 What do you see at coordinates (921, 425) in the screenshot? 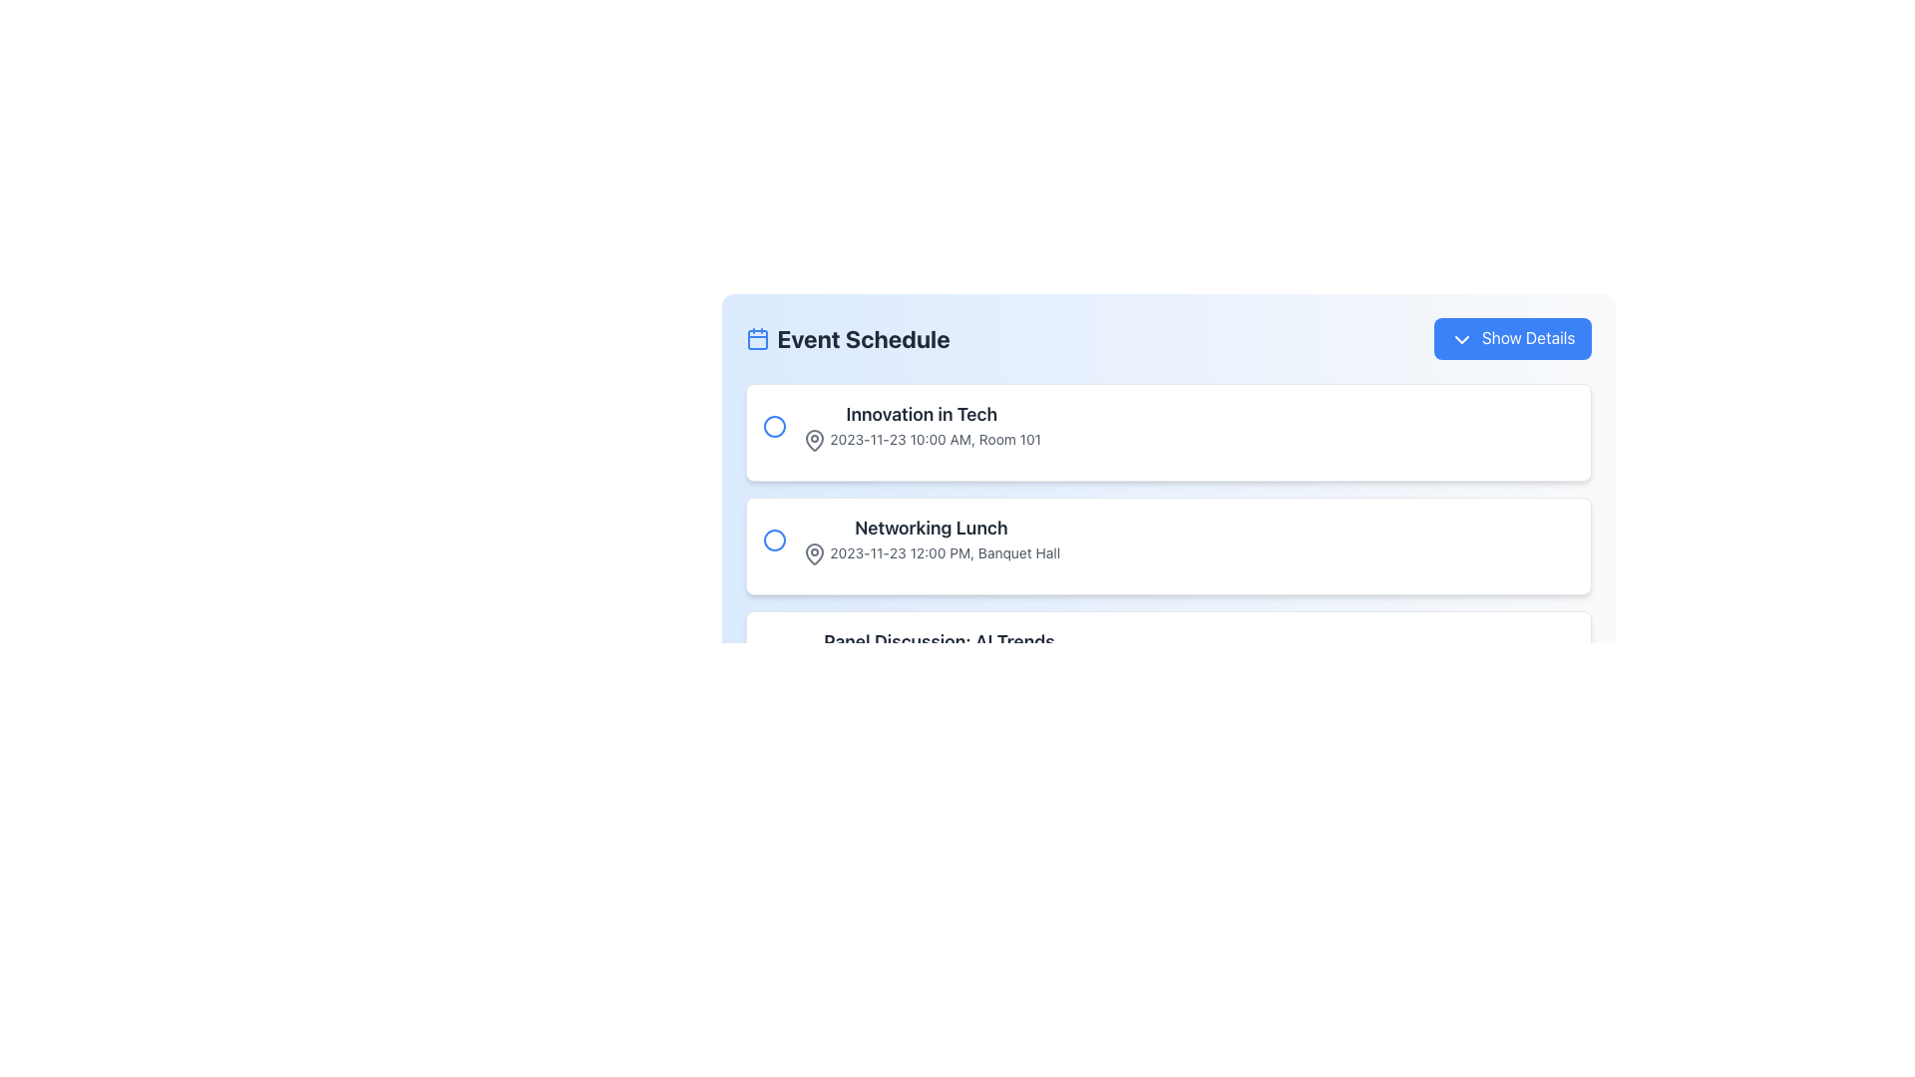
I see `the Text block titled 'Innovation in Tech' with a subtitle '2023-11-23 10:00 AM, Room 101', which includes a location pin icon, positioned as the first event in the schedule` at bounding box center [921, 425].